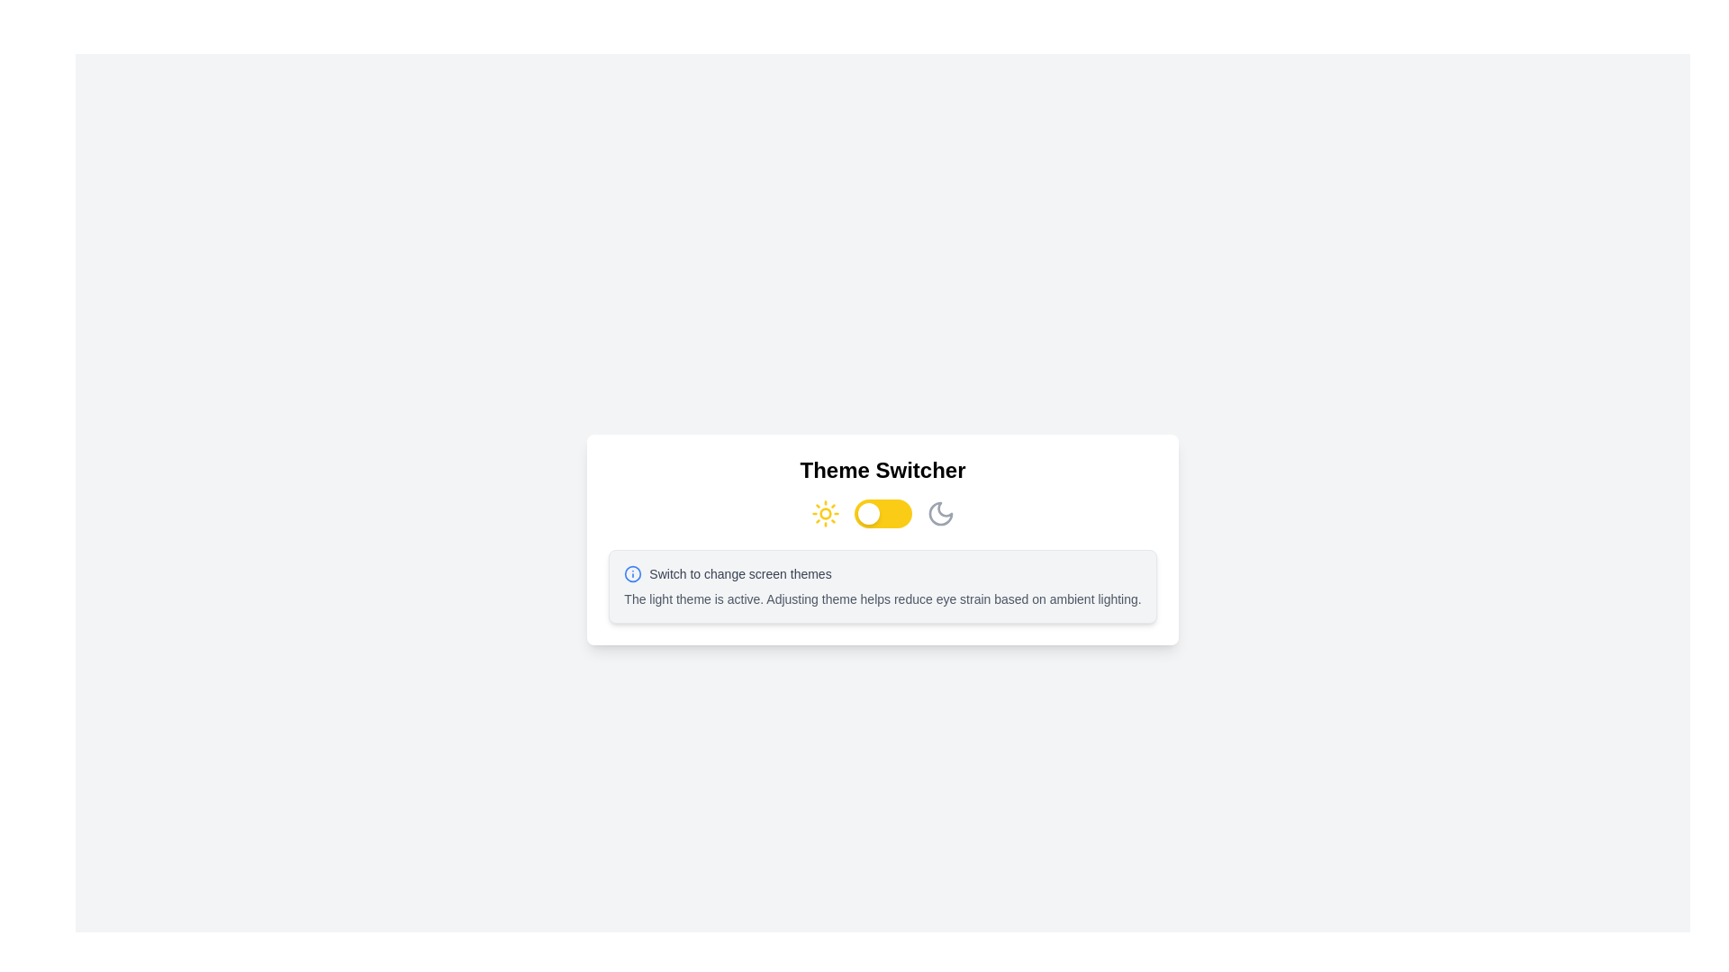  What do you see at coordinates (939, 513) in the screenshot?
I see `the moon icon in the theme switcher interface, which represents a nighttime or dark theme` at bounding box center [939, 513].